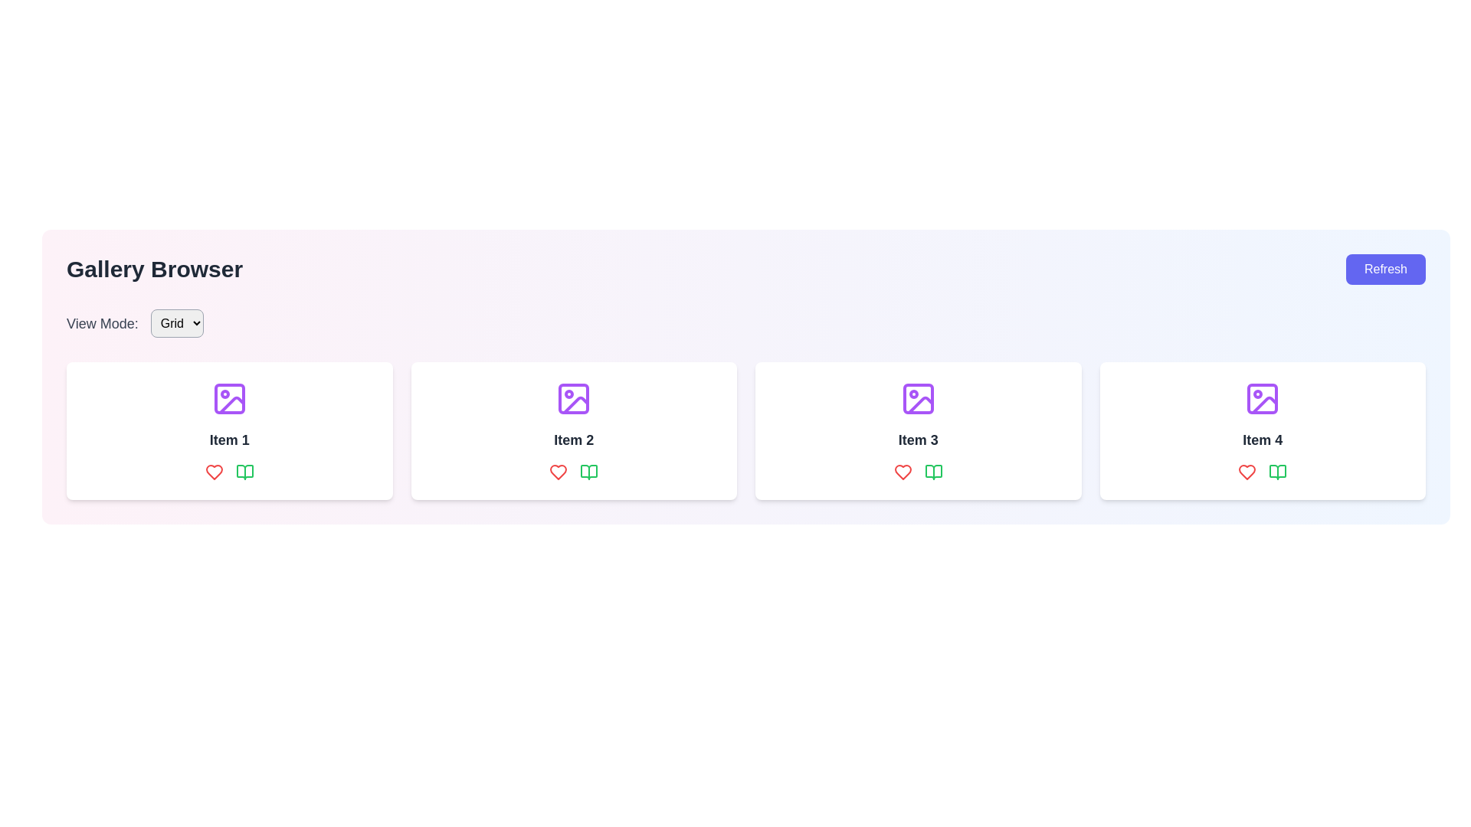 The width and height of the screenshot is (1471, 827). I want to click on the inclined line with a purple stroke, part of the vector graphic in the fourth item card of the gallery grid, so click(1265, 404).